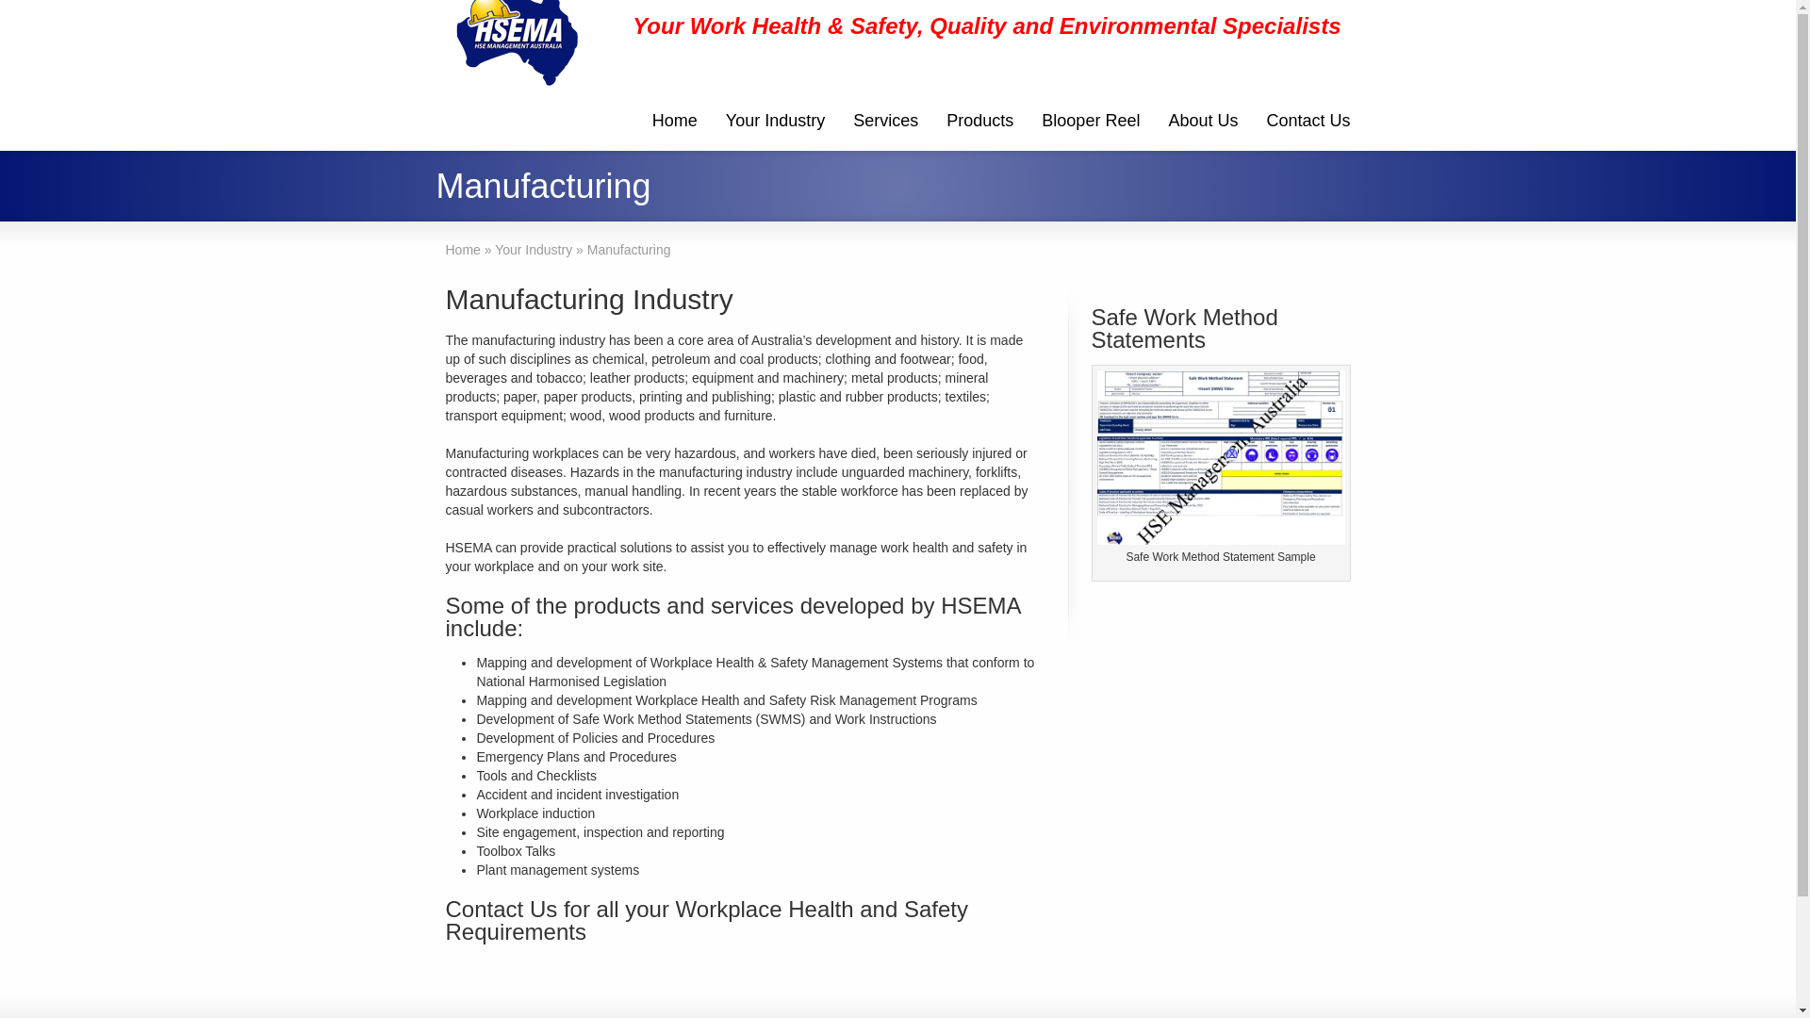 This screenshot has height=1018, width=1810. Describe the element at coordinates (533, 249) in the screenshot. I see `'Your Industry'` at that location.